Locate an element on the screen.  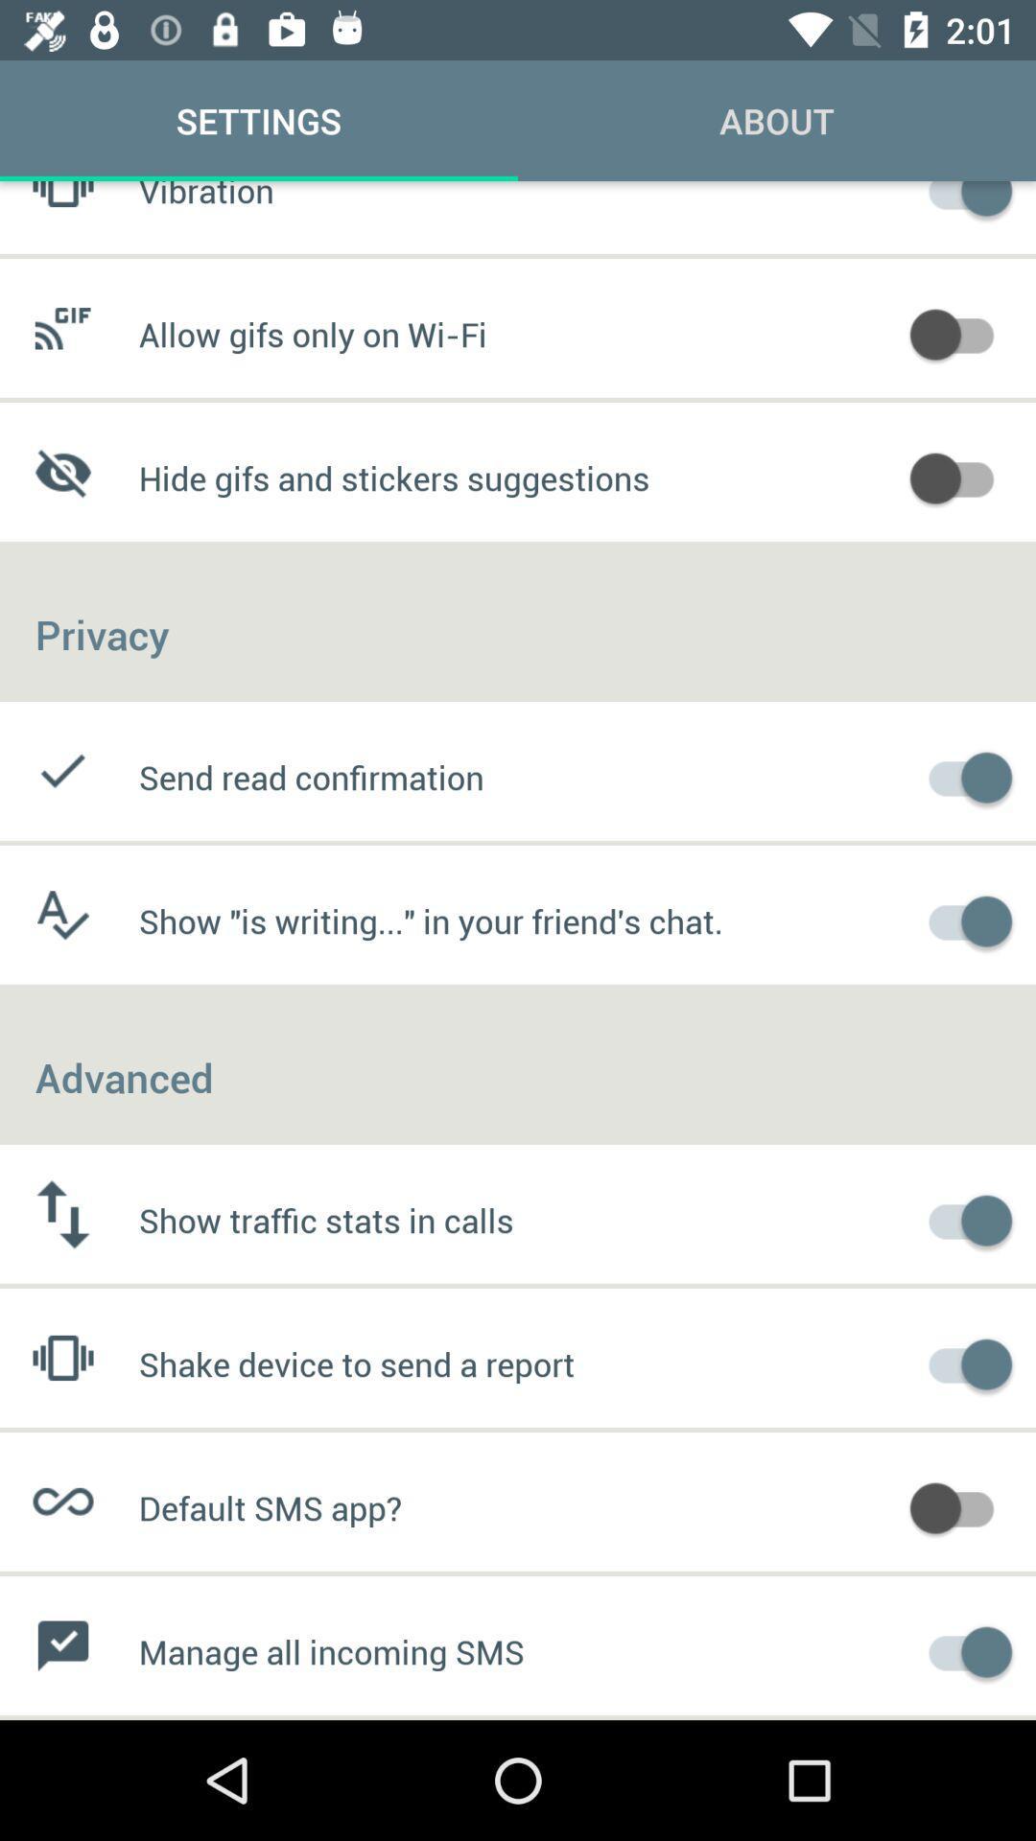
manage sms is located at coordinates (961, 1648).